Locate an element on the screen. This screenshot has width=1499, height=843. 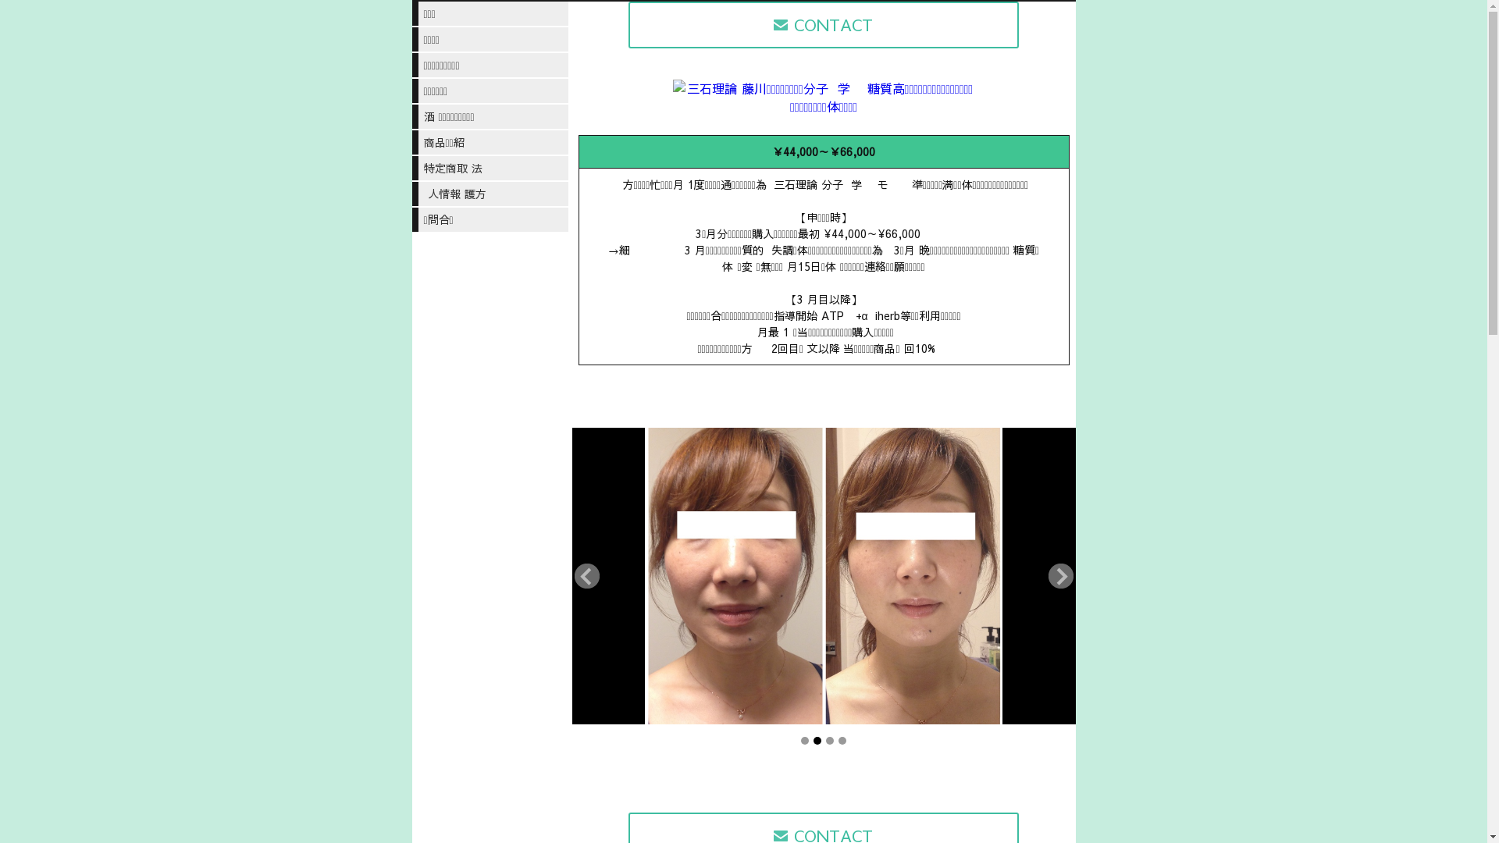
'4' is located at coordinates (838, 739).